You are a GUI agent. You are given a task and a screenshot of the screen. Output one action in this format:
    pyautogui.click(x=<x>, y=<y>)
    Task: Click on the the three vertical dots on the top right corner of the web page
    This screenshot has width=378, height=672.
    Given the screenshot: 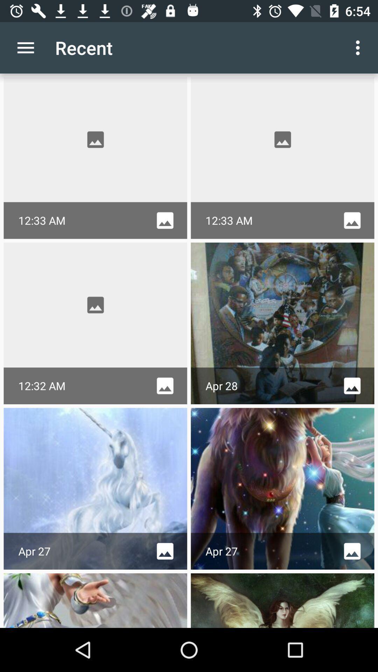 What is the action you would take?
    pyautogui.click(x=359, y=48)
    